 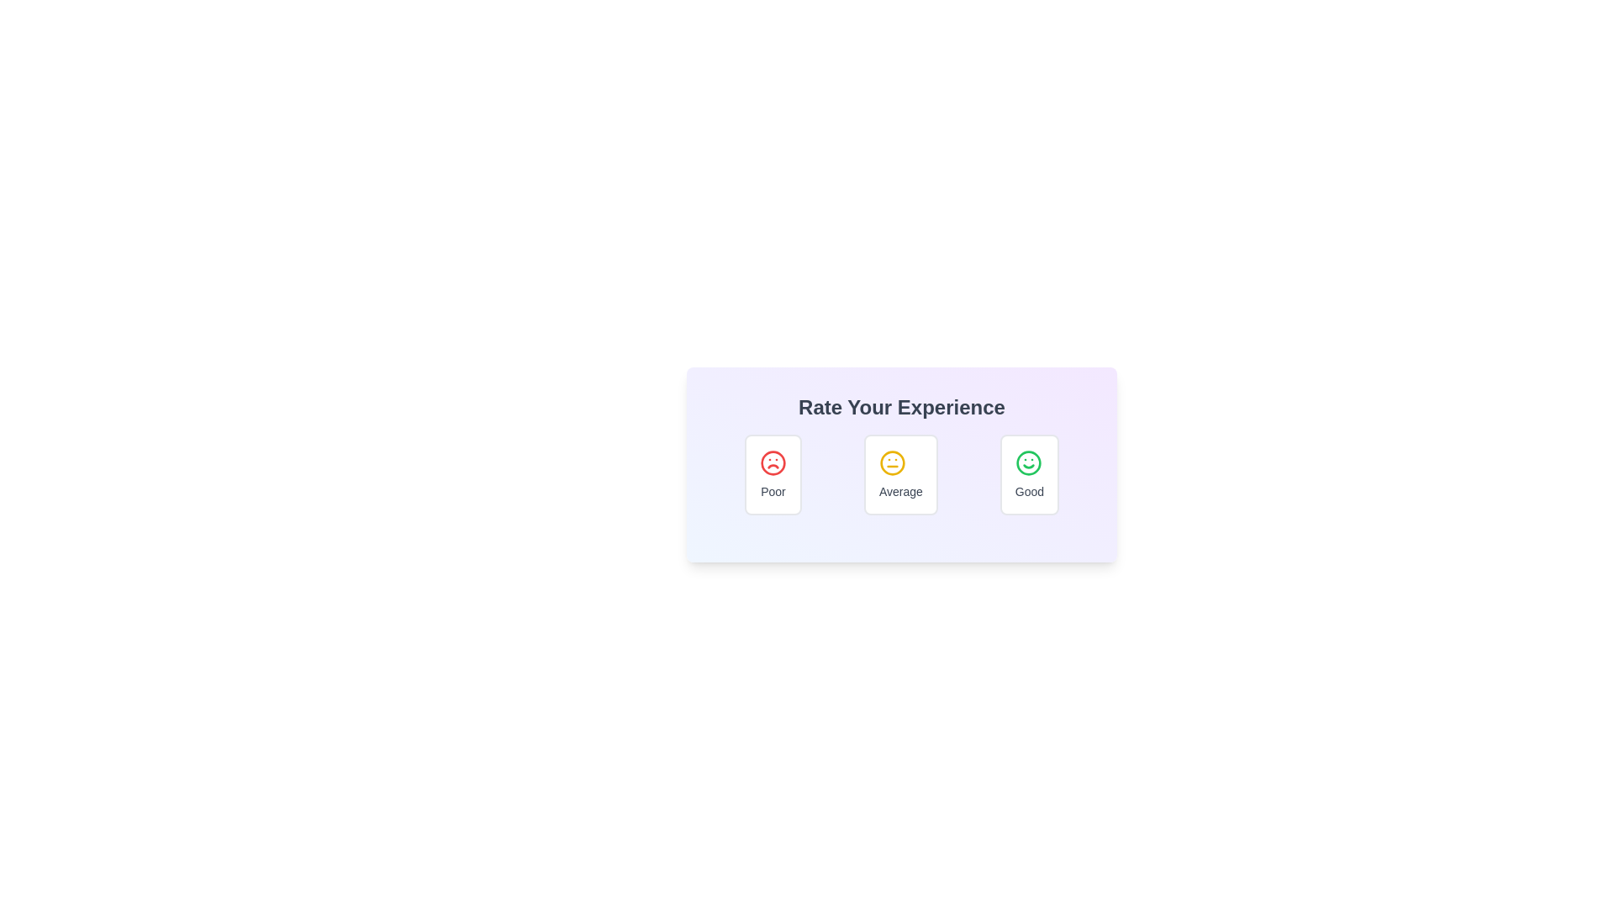 I want to click on the circular element with a green outline that represents the outer circle of the smiley face icon in the 'Good' feedback option within the 'Rate Your Experience' section, so click(x=1027, y=463).